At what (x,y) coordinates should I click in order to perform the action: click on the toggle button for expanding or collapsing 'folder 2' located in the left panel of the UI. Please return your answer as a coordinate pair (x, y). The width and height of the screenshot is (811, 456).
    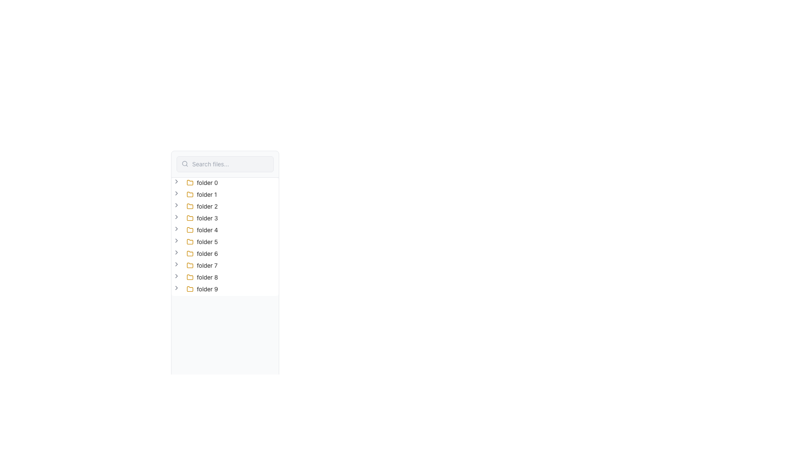
    Looking at the image, I should click on (176, 206).